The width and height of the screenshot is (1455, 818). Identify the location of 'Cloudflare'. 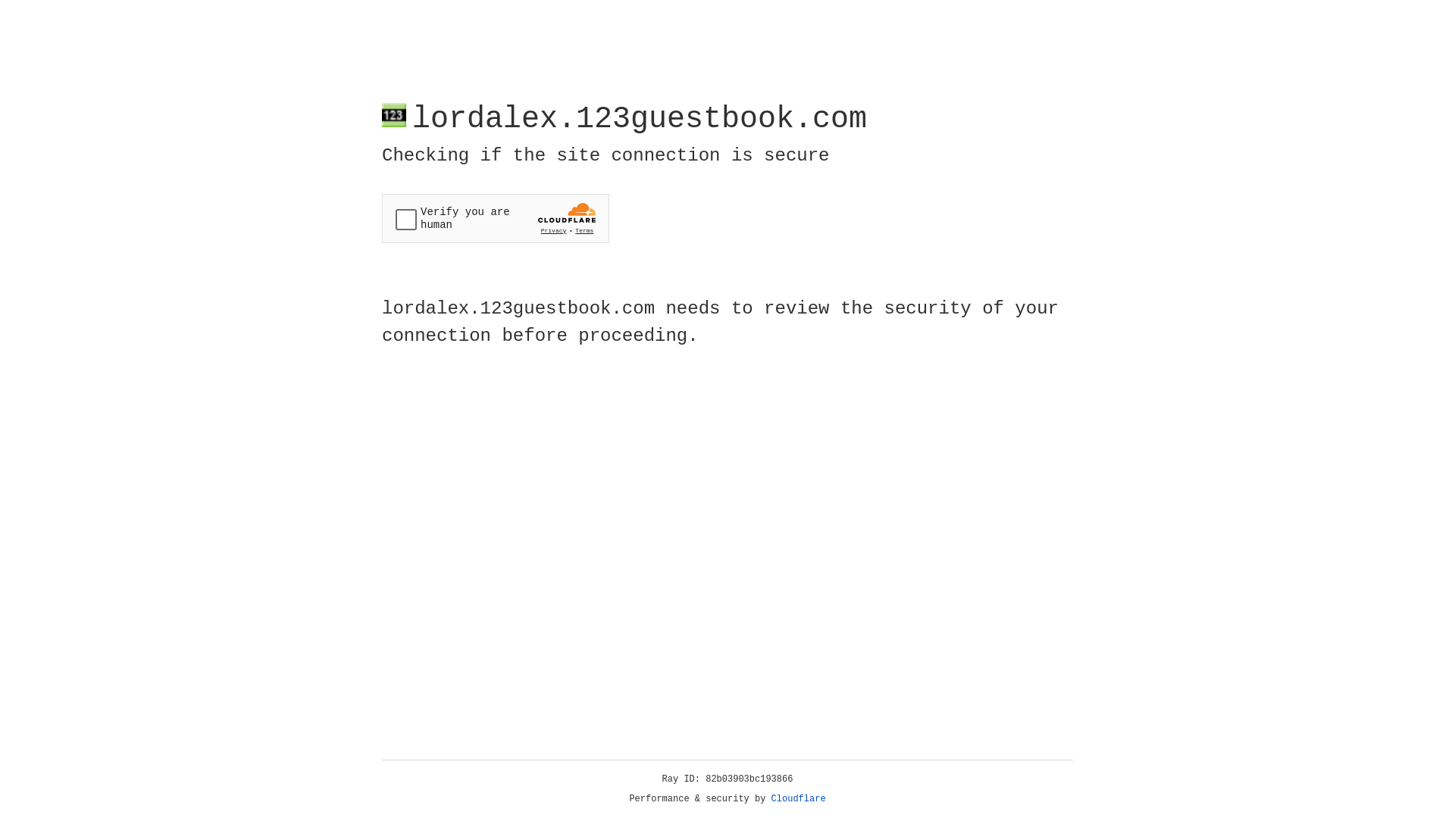
(798, 798).